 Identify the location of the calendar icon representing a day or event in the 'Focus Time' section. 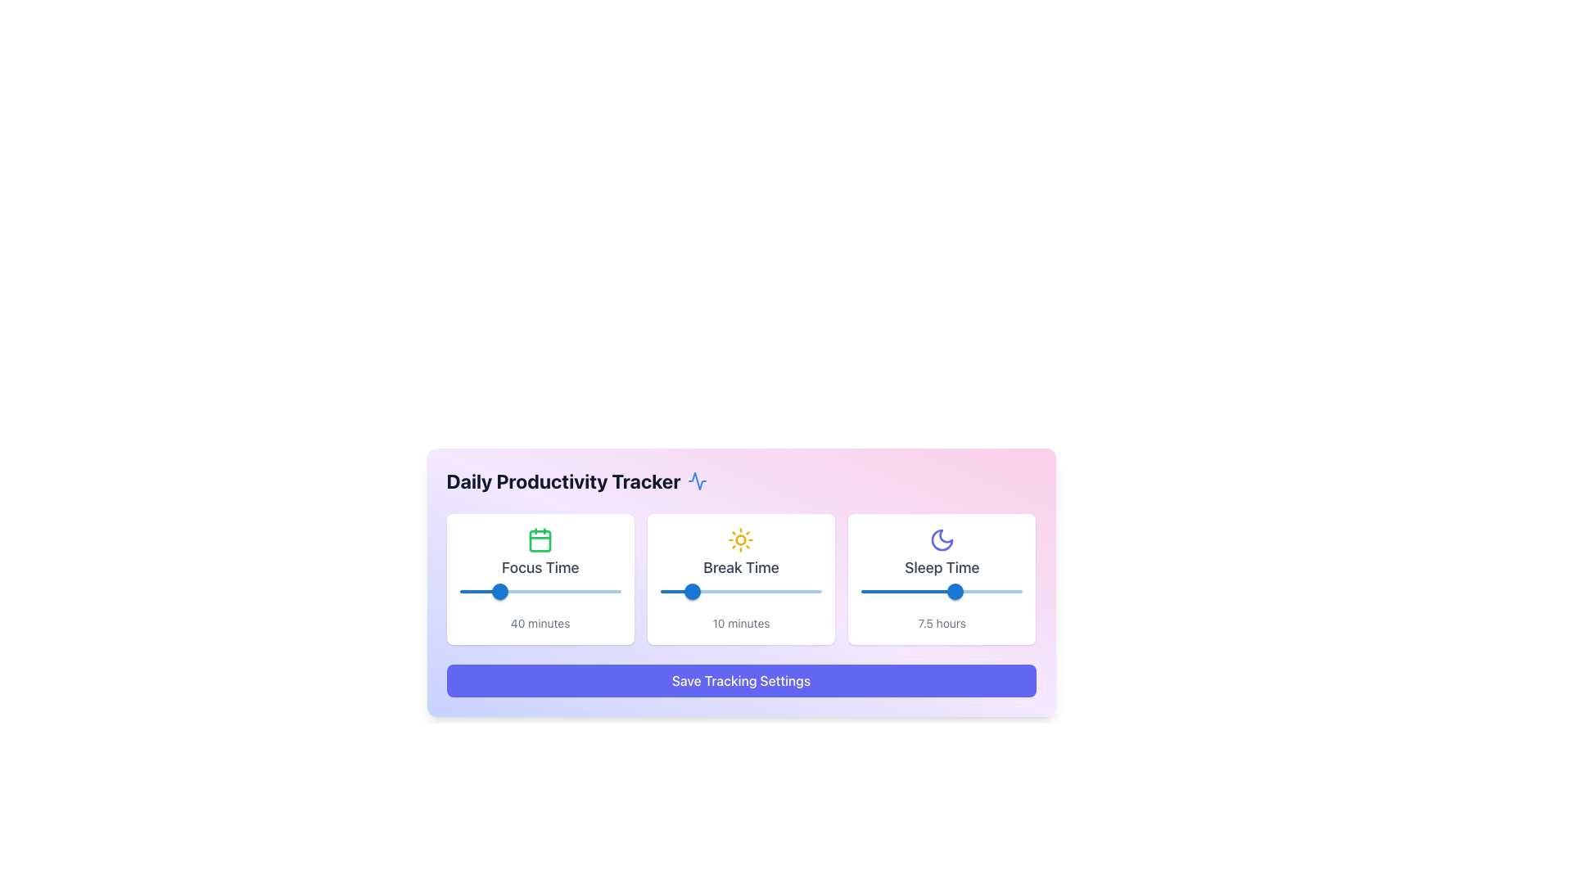
(540, 541).